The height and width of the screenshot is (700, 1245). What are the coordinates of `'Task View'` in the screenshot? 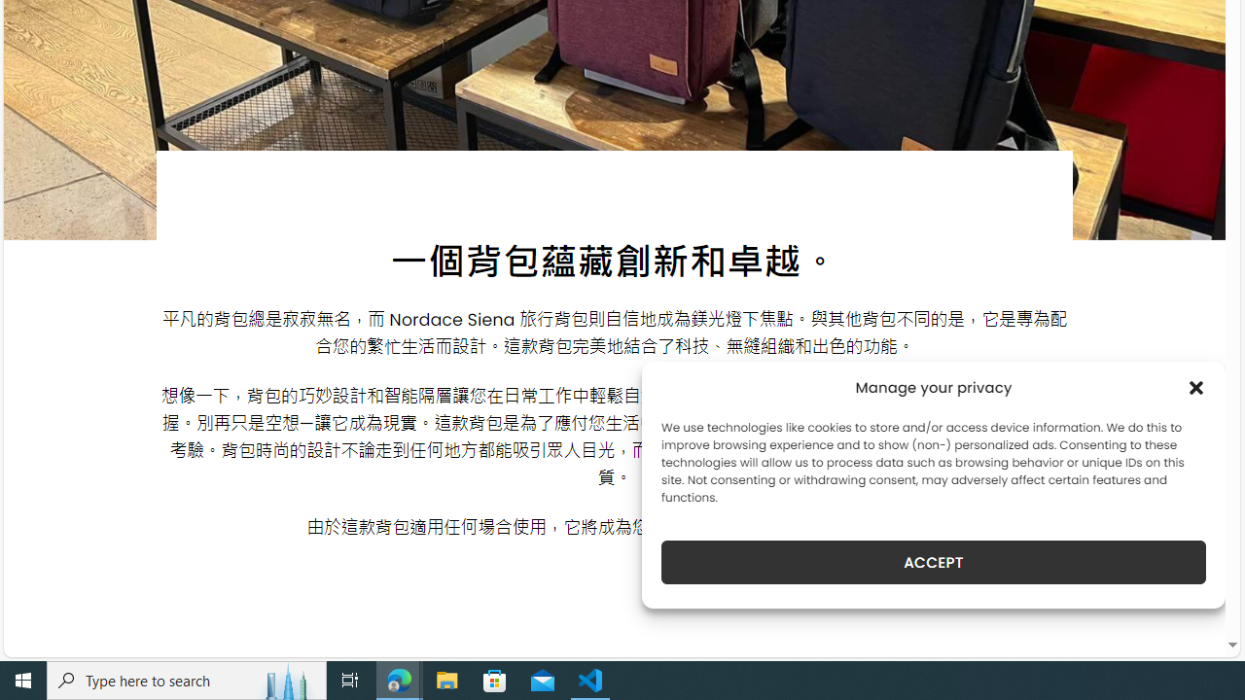 It's located at (349, 679).